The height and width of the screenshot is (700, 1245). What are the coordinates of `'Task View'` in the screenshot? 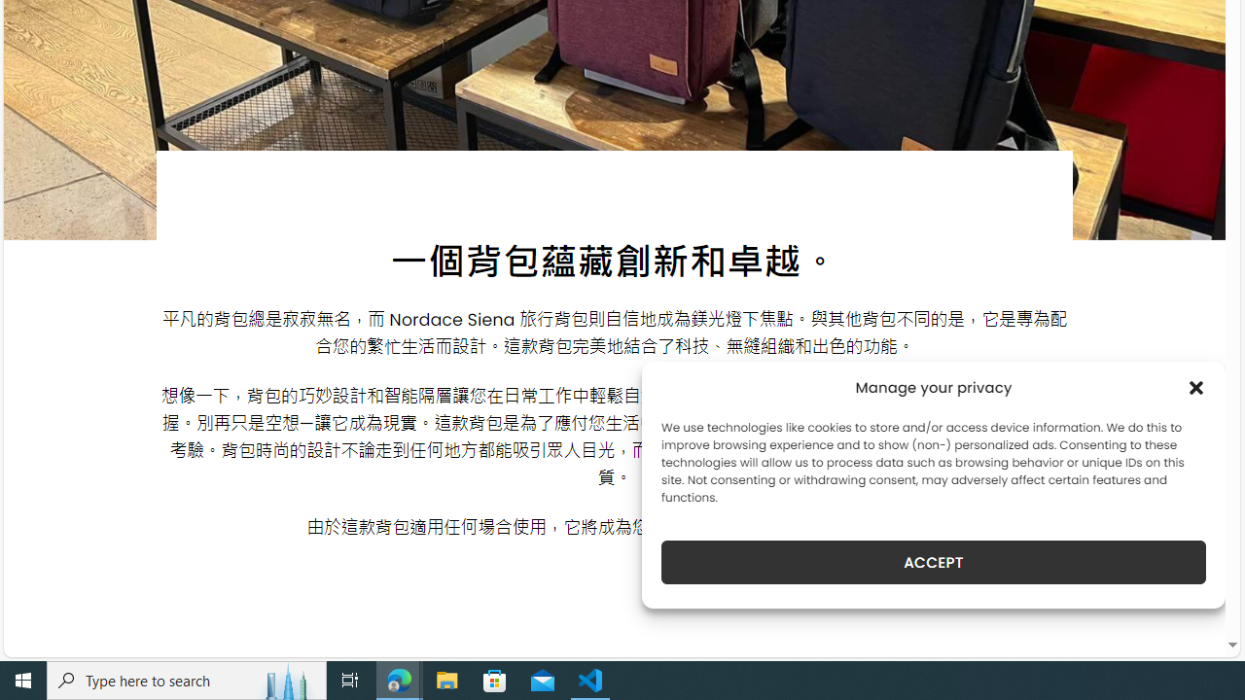 It's located at (349, 679).